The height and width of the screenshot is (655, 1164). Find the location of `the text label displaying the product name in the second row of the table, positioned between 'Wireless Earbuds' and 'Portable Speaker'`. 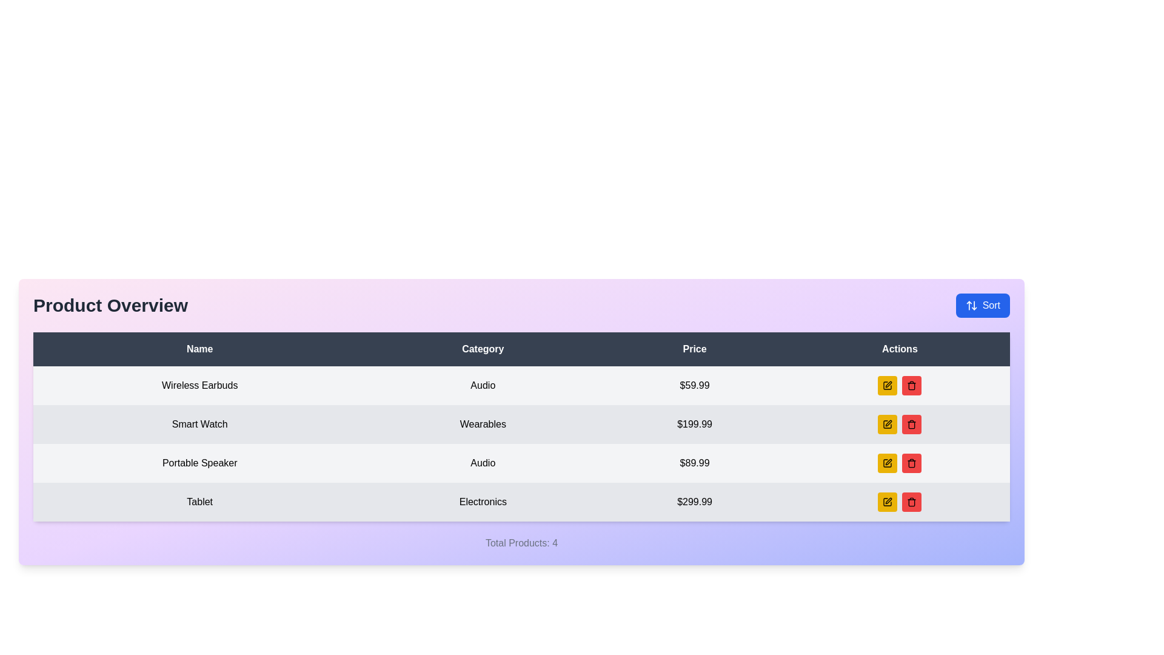

the text label displaying the product name in the second row of the table, positioned between 'Wireless Earbuds' and 'Portable Speaker' is located at coordinates (199, 423).